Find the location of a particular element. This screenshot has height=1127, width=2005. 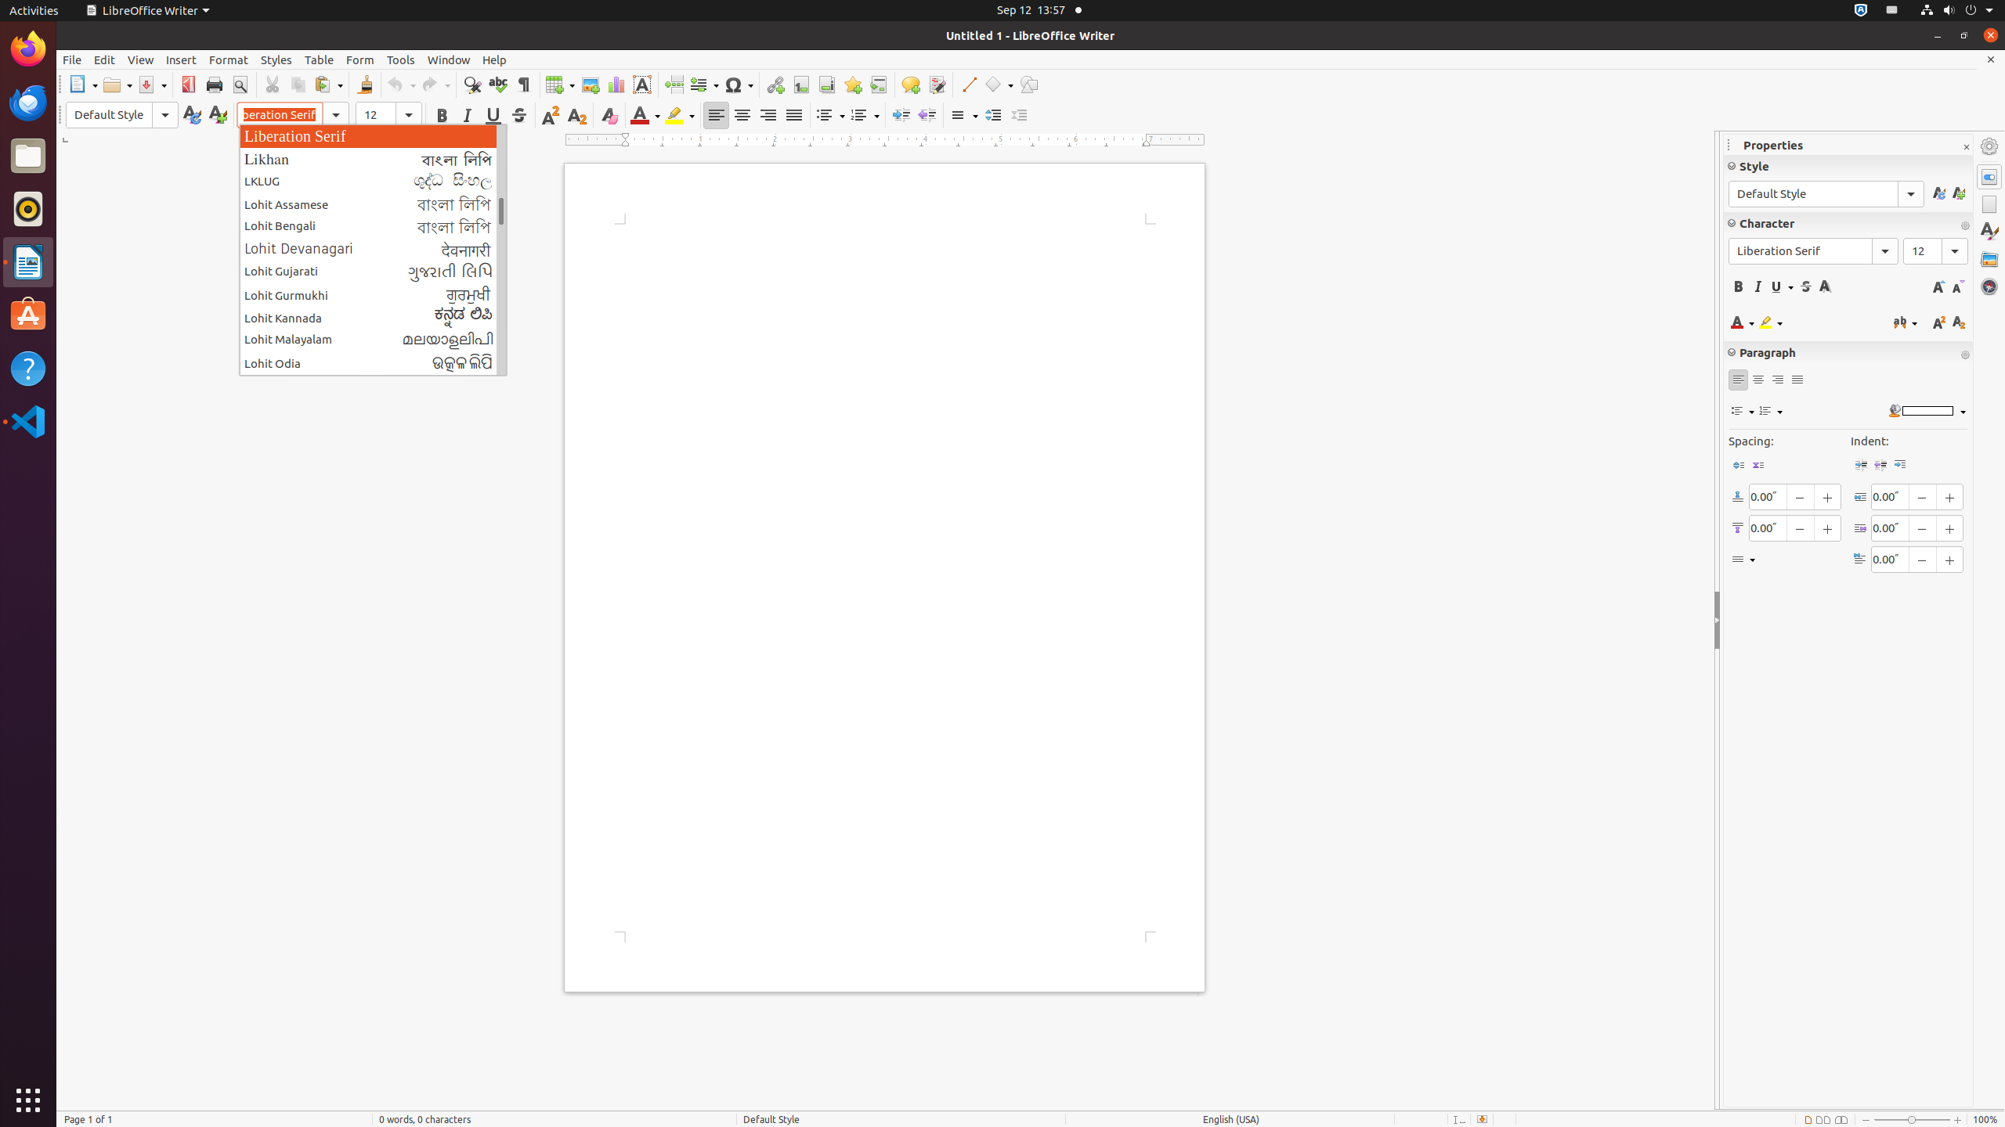

'Find & Replace' is located at coordinates (471, 84).